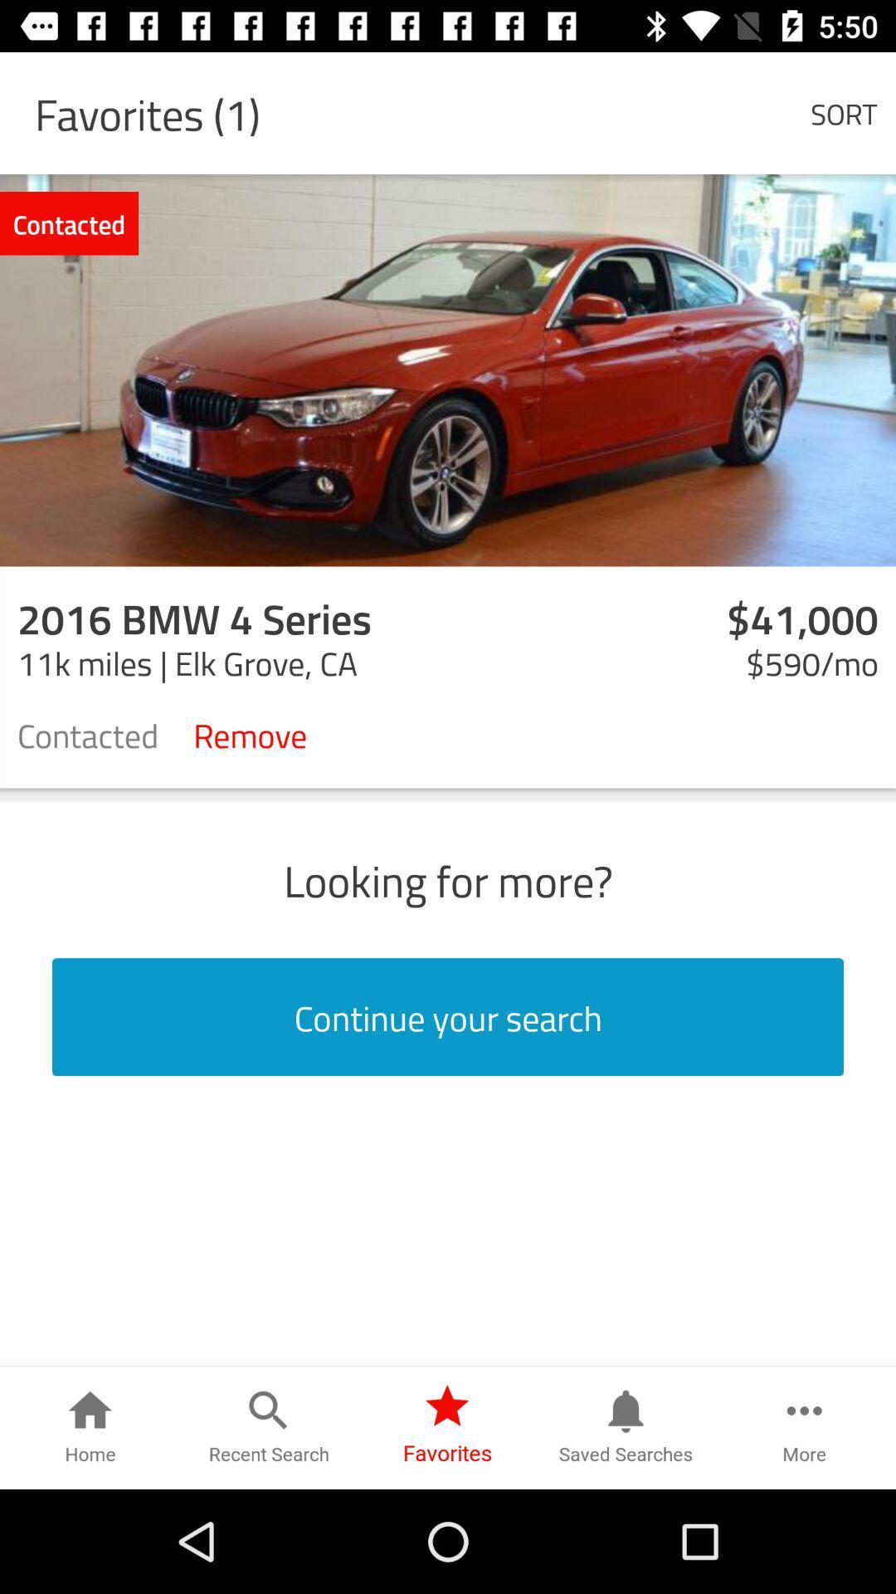 The width and height of the screenshot is (896, 1594). I want to click on icon to the left of $590/mo, so click(250, 733).